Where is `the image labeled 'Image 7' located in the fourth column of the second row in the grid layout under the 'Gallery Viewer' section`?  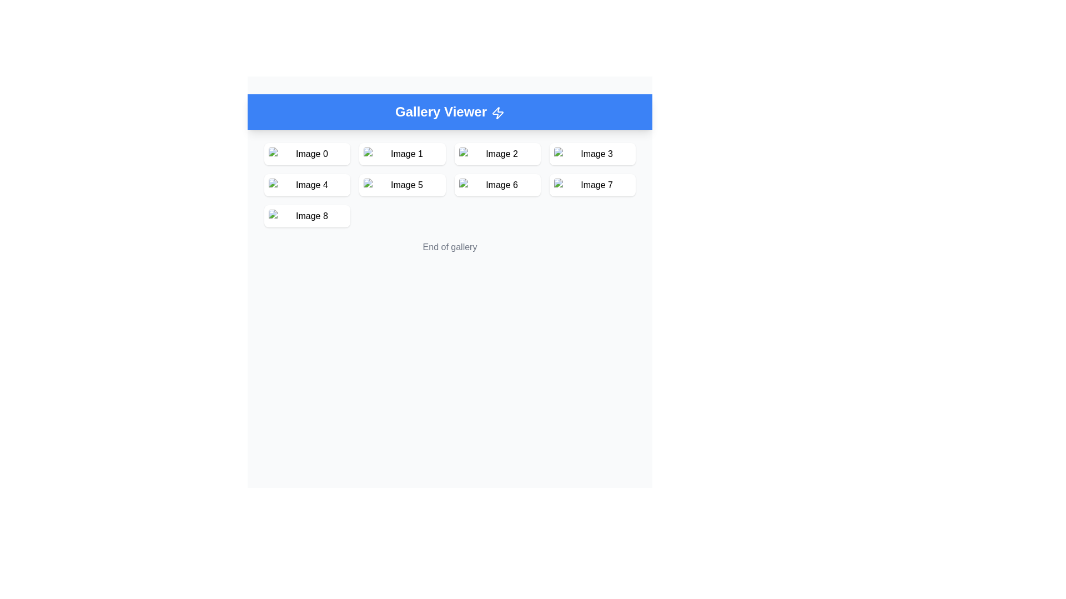 the image labeled 'Image 7' located in the fourth column of the second row in the grid layout under the 'Gallery Viewer' section is located at coordinates (592, 185).